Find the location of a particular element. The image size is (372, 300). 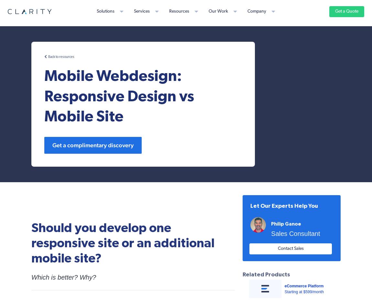

'Sales Consultant' is located at coordinates (295, 233).